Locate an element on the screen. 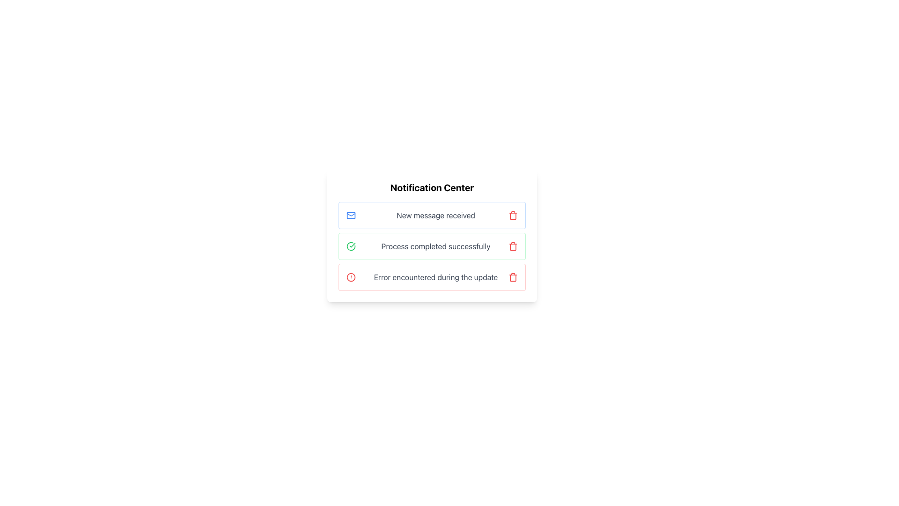 The width and height of the screenshot is (899, 506). the trash can base representation element, which is part of the trash icon in the second notification indicating 'Process completed successfully' in the Notification Center is located at coordinates (512, 246).